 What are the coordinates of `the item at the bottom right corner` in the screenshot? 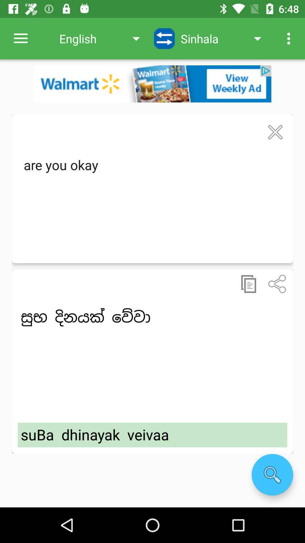 It's located at (272, 475).